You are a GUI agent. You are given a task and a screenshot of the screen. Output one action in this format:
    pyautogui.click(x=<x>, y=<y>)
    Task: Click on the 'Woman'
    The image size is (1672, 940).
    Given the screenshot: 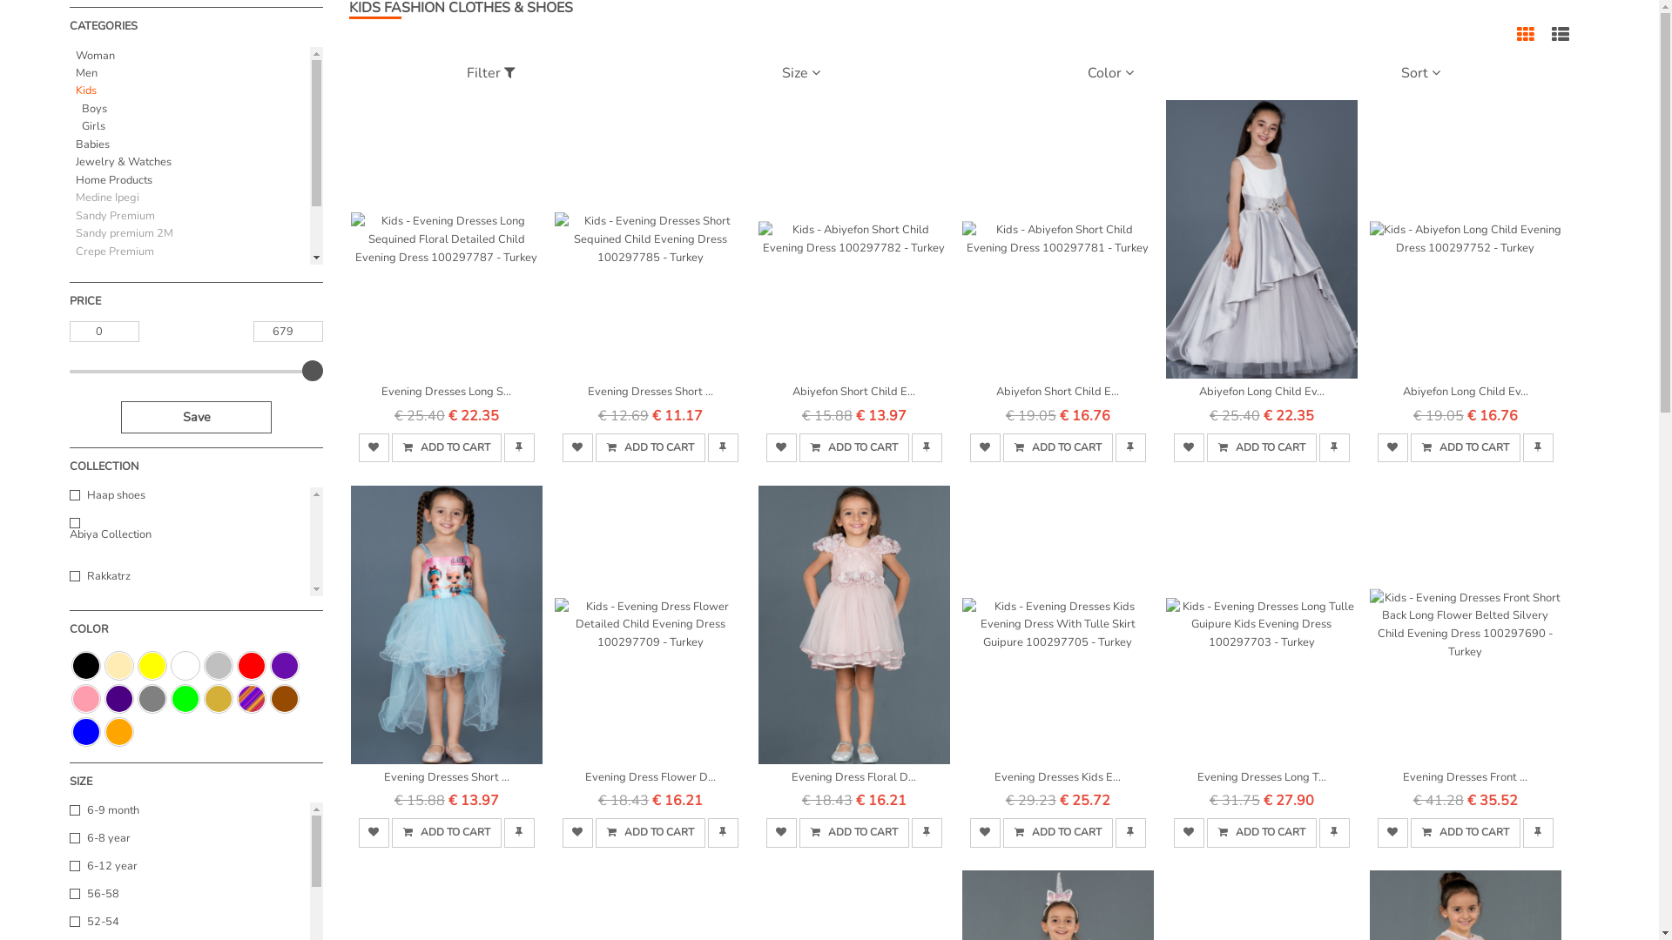 What is the action you would take?
    pyautogui.click(x=73, y=55)
    